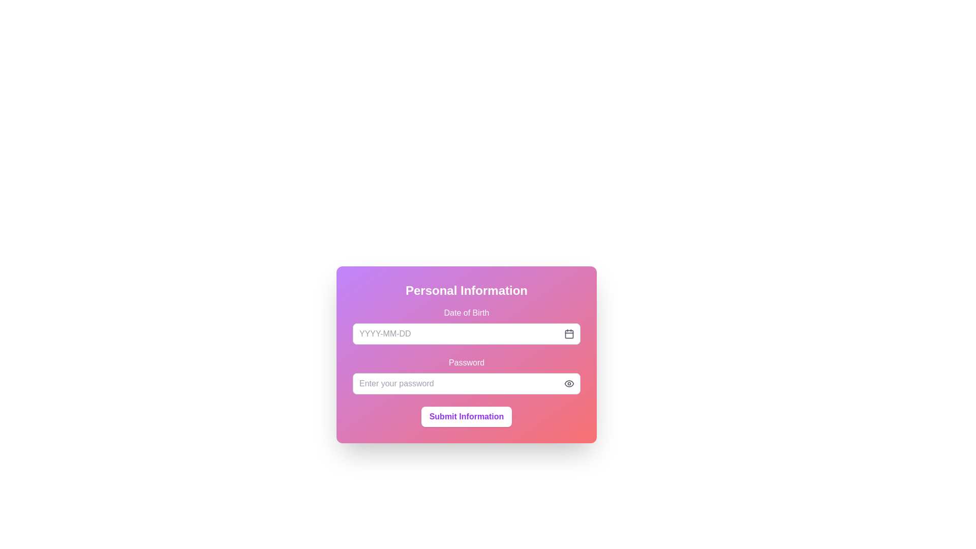  What do you see at coordinates (568, 384) in the screenshot?
I see `the input field associated with the eye-shaped icon used to toggle password visibility` at bounding box center [568, 384].